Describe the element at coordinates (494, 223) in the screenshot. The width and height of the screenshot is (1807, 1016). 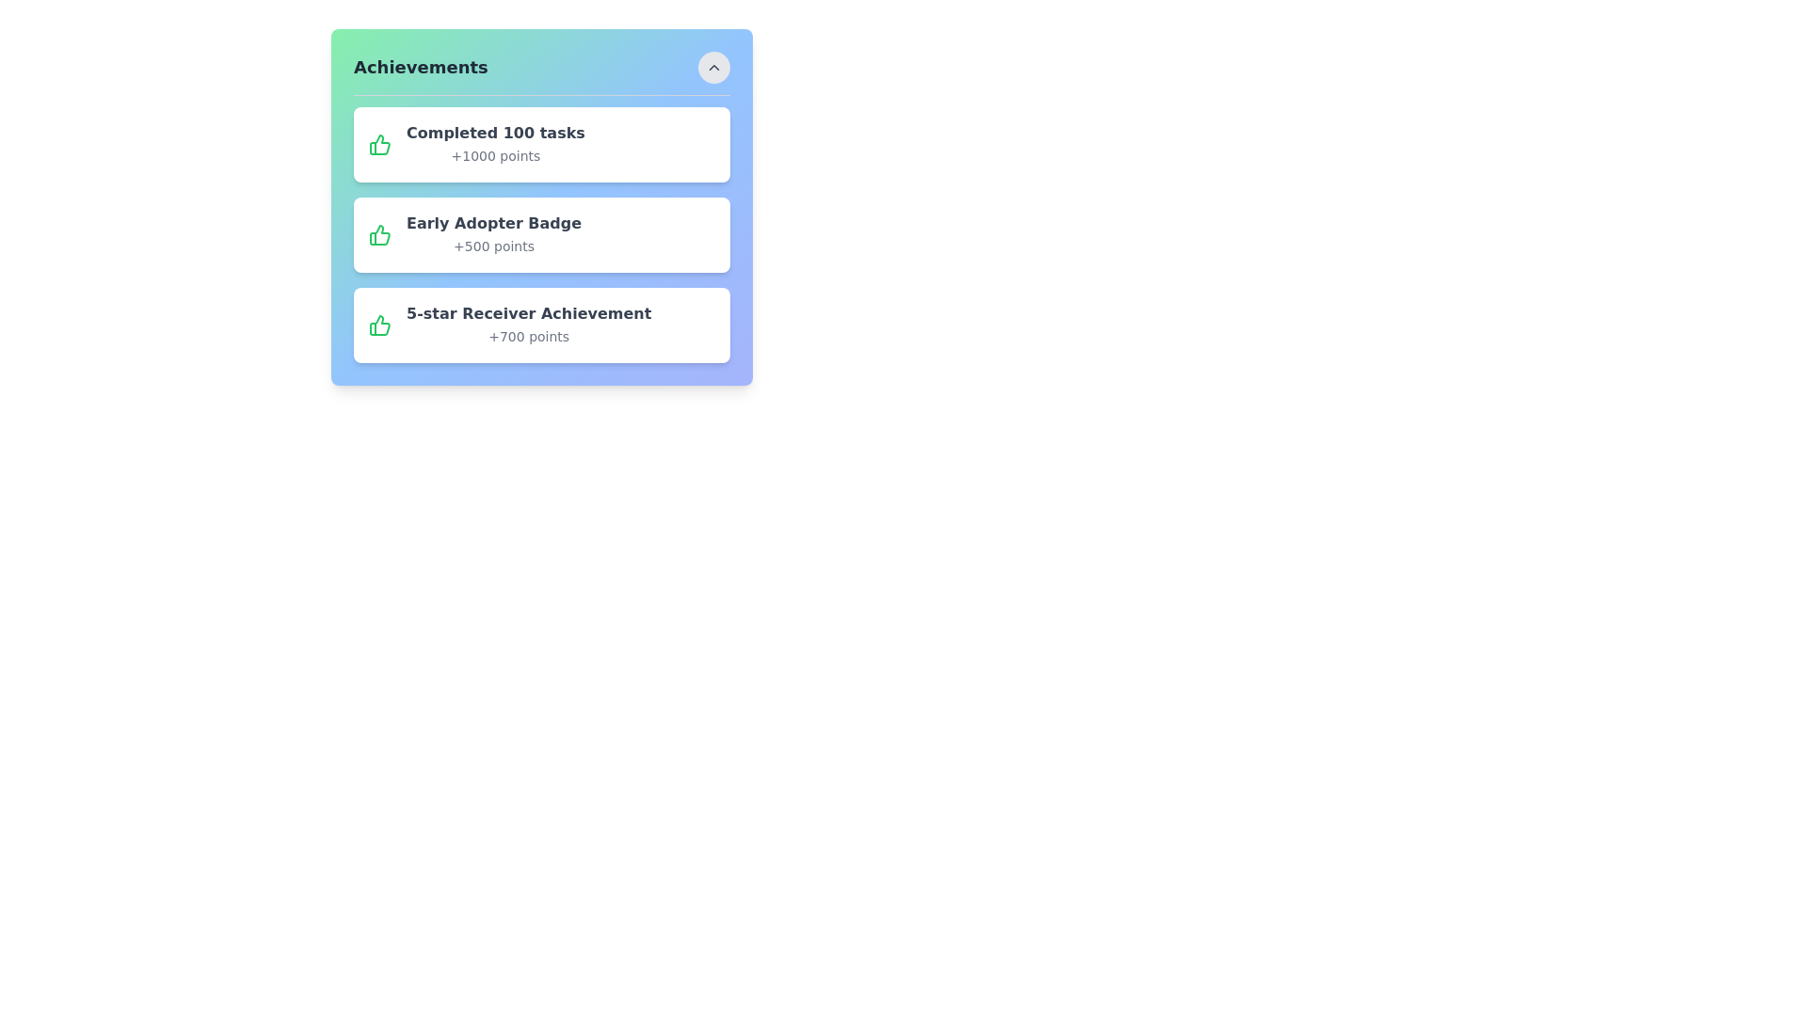
I see `the Text label that identifies the achievement titled '+500 points', which is located in the second achievement card, positioned below 'Completed 100 tasks' and above '5-star Receiver Achievement'` at that location.